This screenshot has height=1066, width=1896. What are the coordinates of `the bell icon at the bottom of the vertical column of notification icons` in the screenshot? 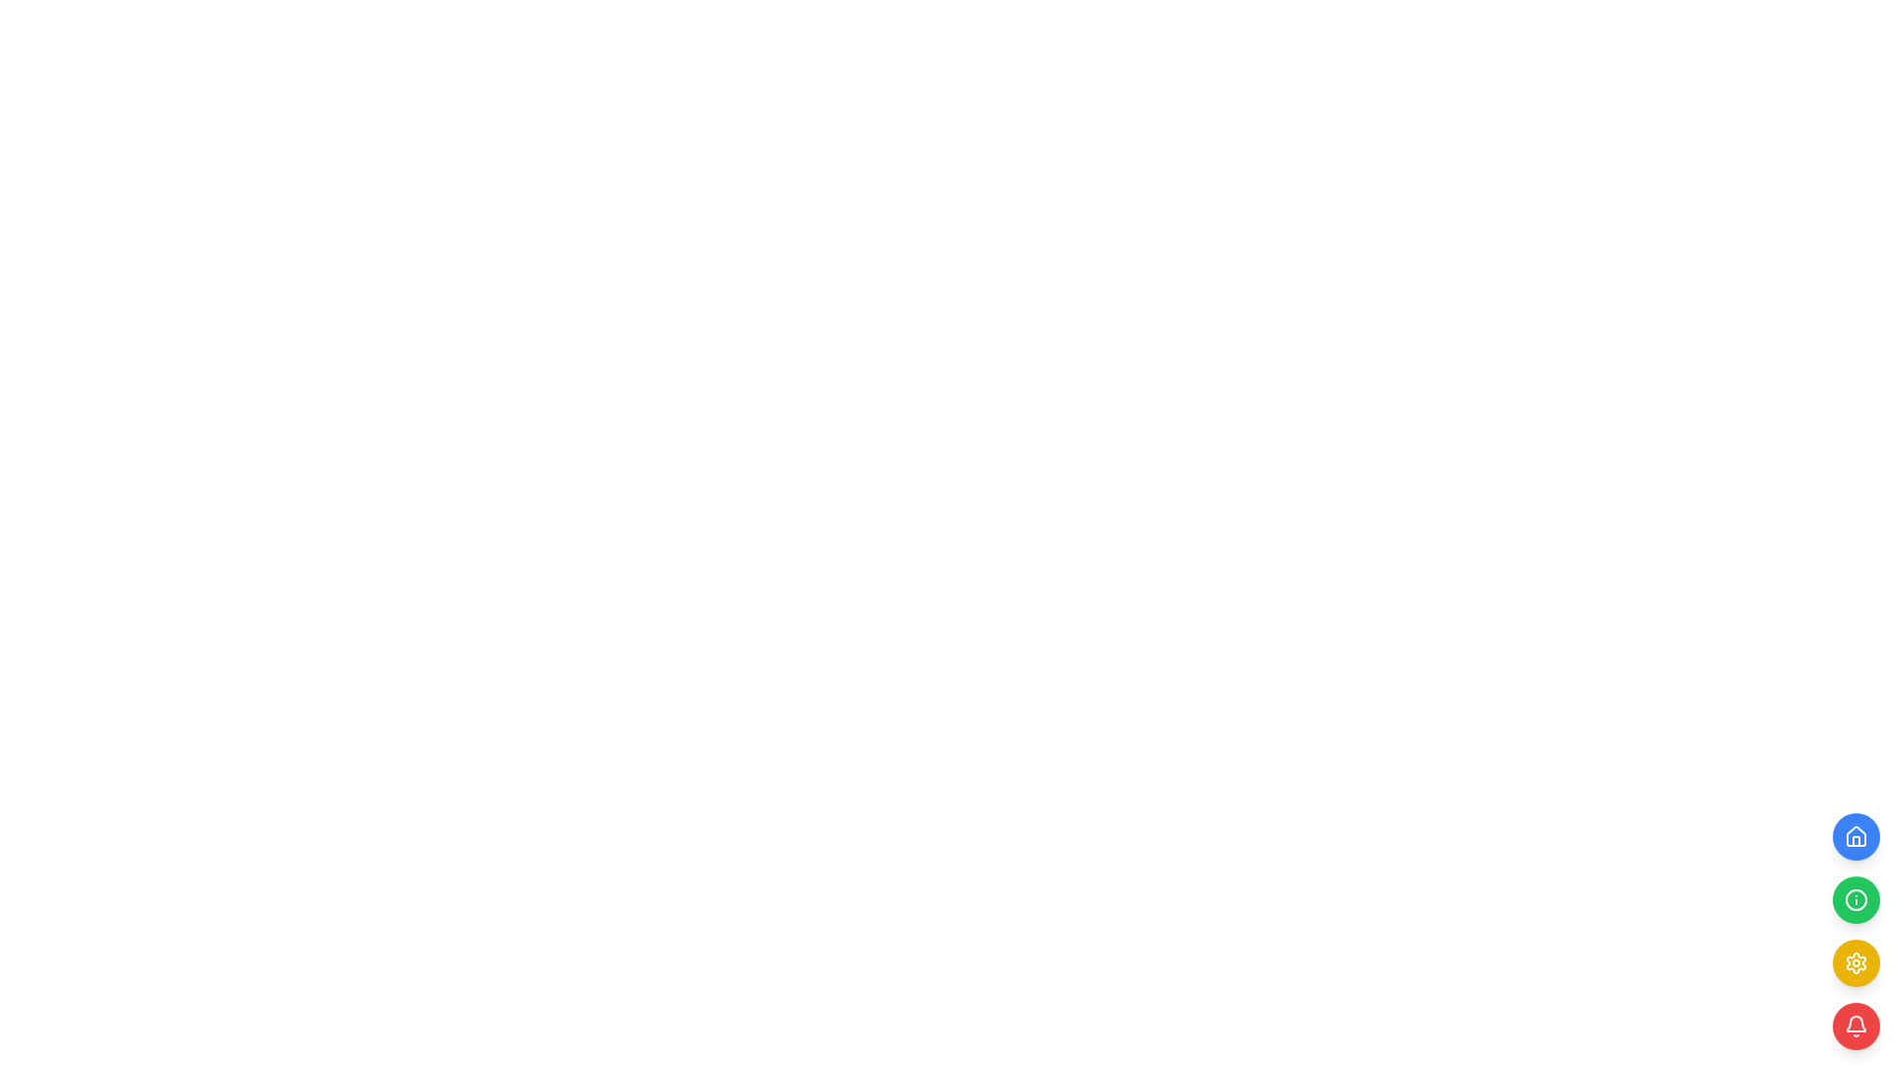 It's located at (1856, 1026).